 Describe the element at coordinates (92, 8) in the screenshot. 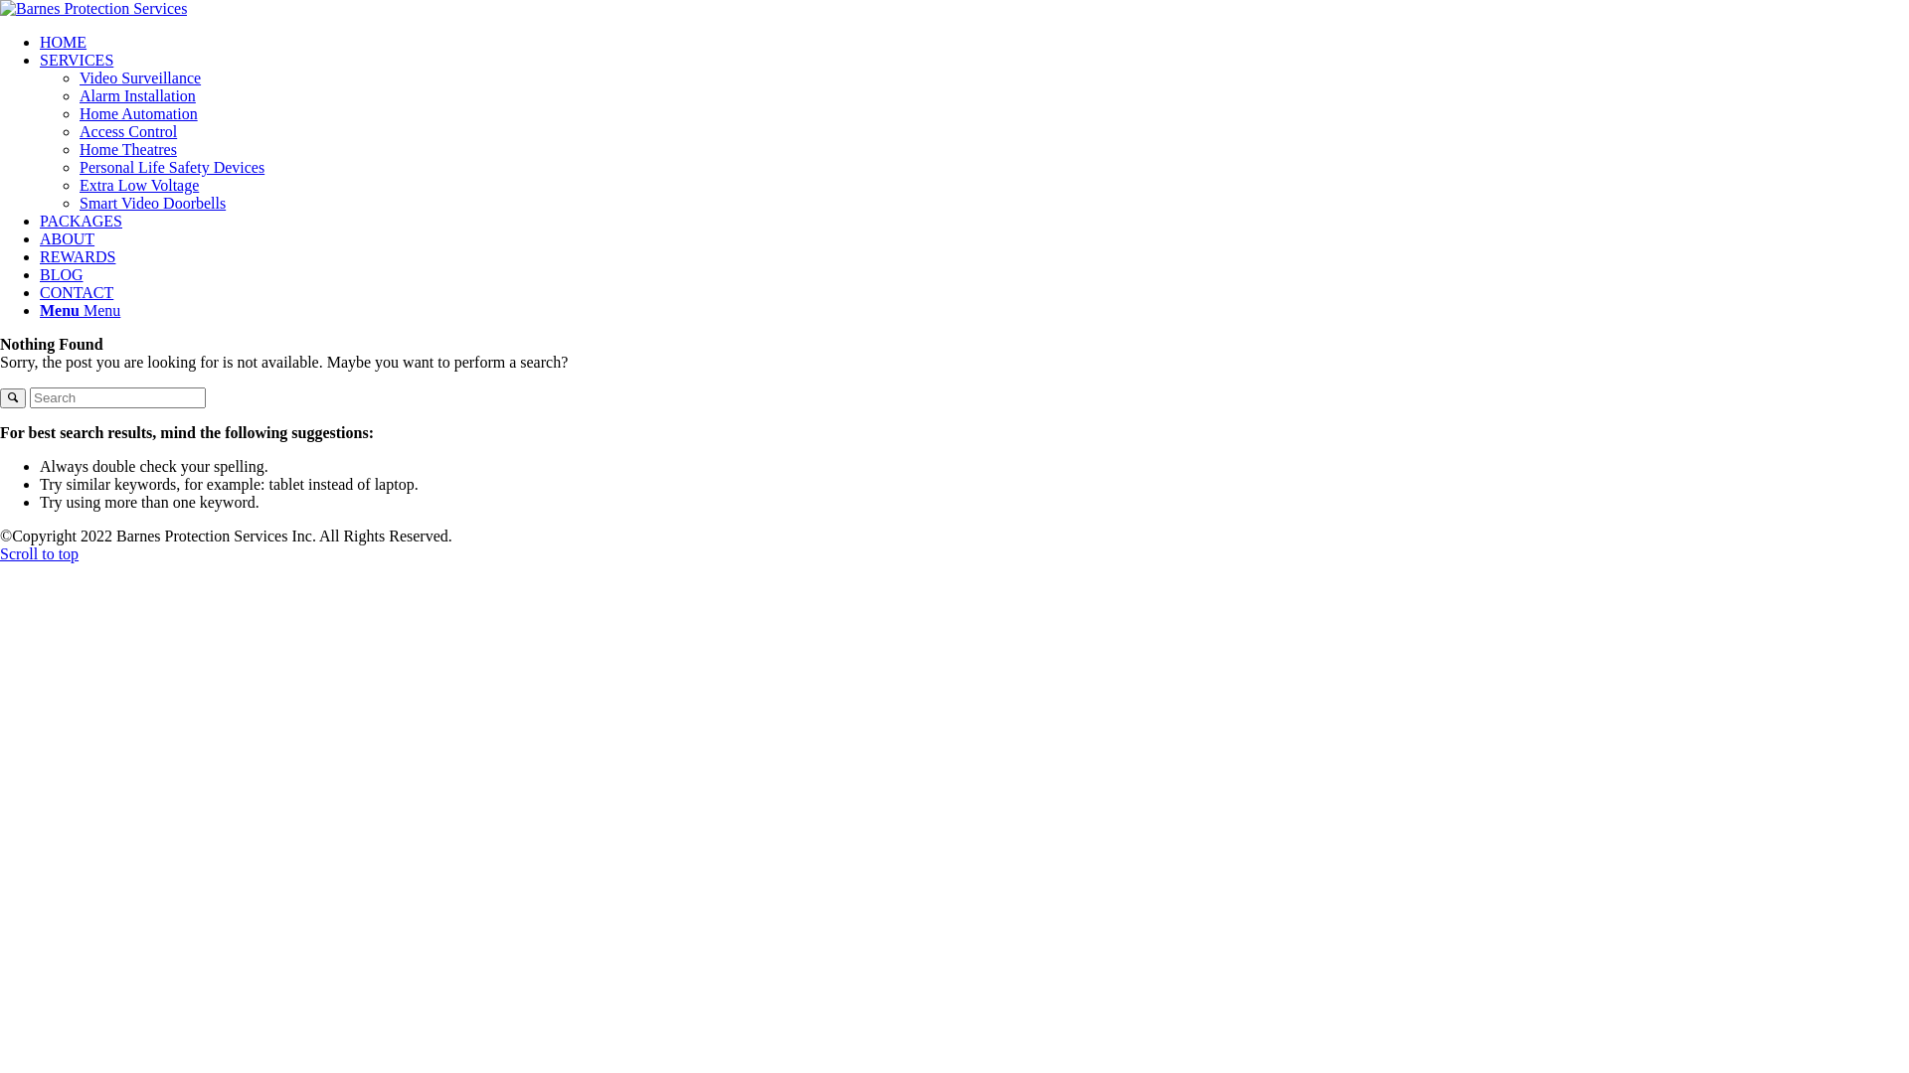

I see `'Barnes Protection Services logo'` at that location.